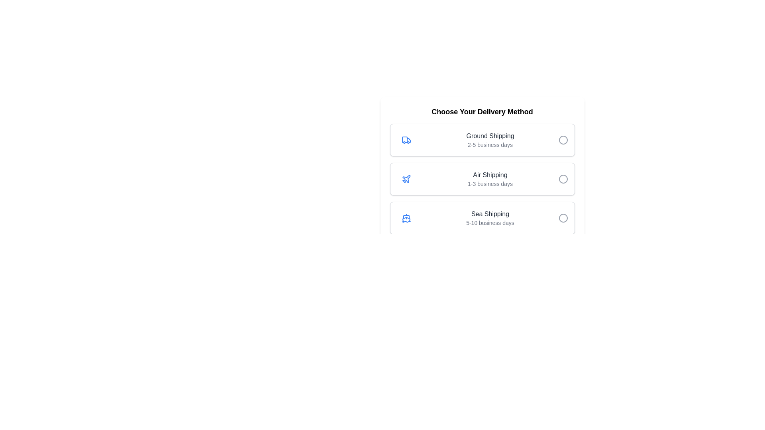 The width and height of the screenshot is (765, 430). Describe the element at coordinates (406, 221) in the screenshot. I see `the decorative graphic element at the bottom of the ship icon, which indicates a maritime theme in the 'Sea Shipping' option of delivery methods` at that location.